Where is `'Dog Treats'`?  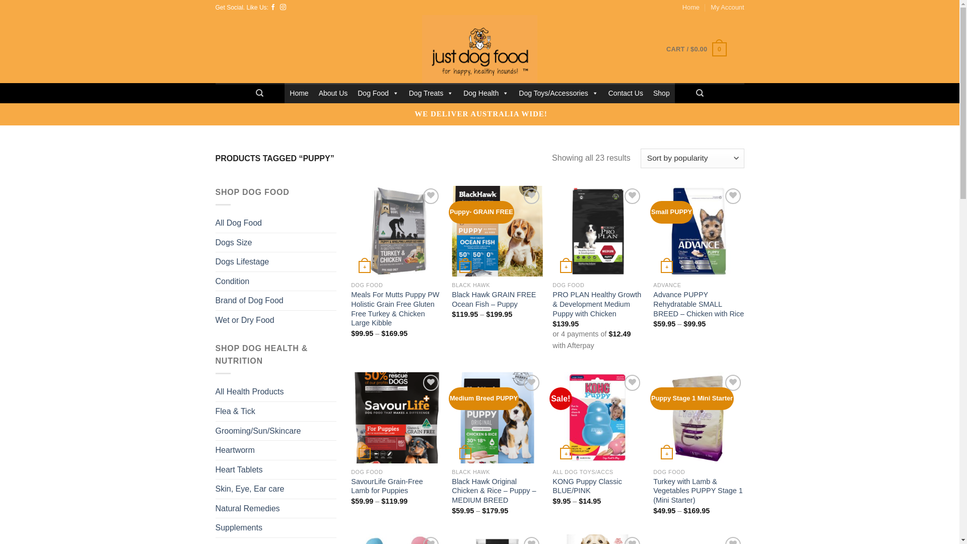 'Dog Treats' is located at coordinates (403, 93).